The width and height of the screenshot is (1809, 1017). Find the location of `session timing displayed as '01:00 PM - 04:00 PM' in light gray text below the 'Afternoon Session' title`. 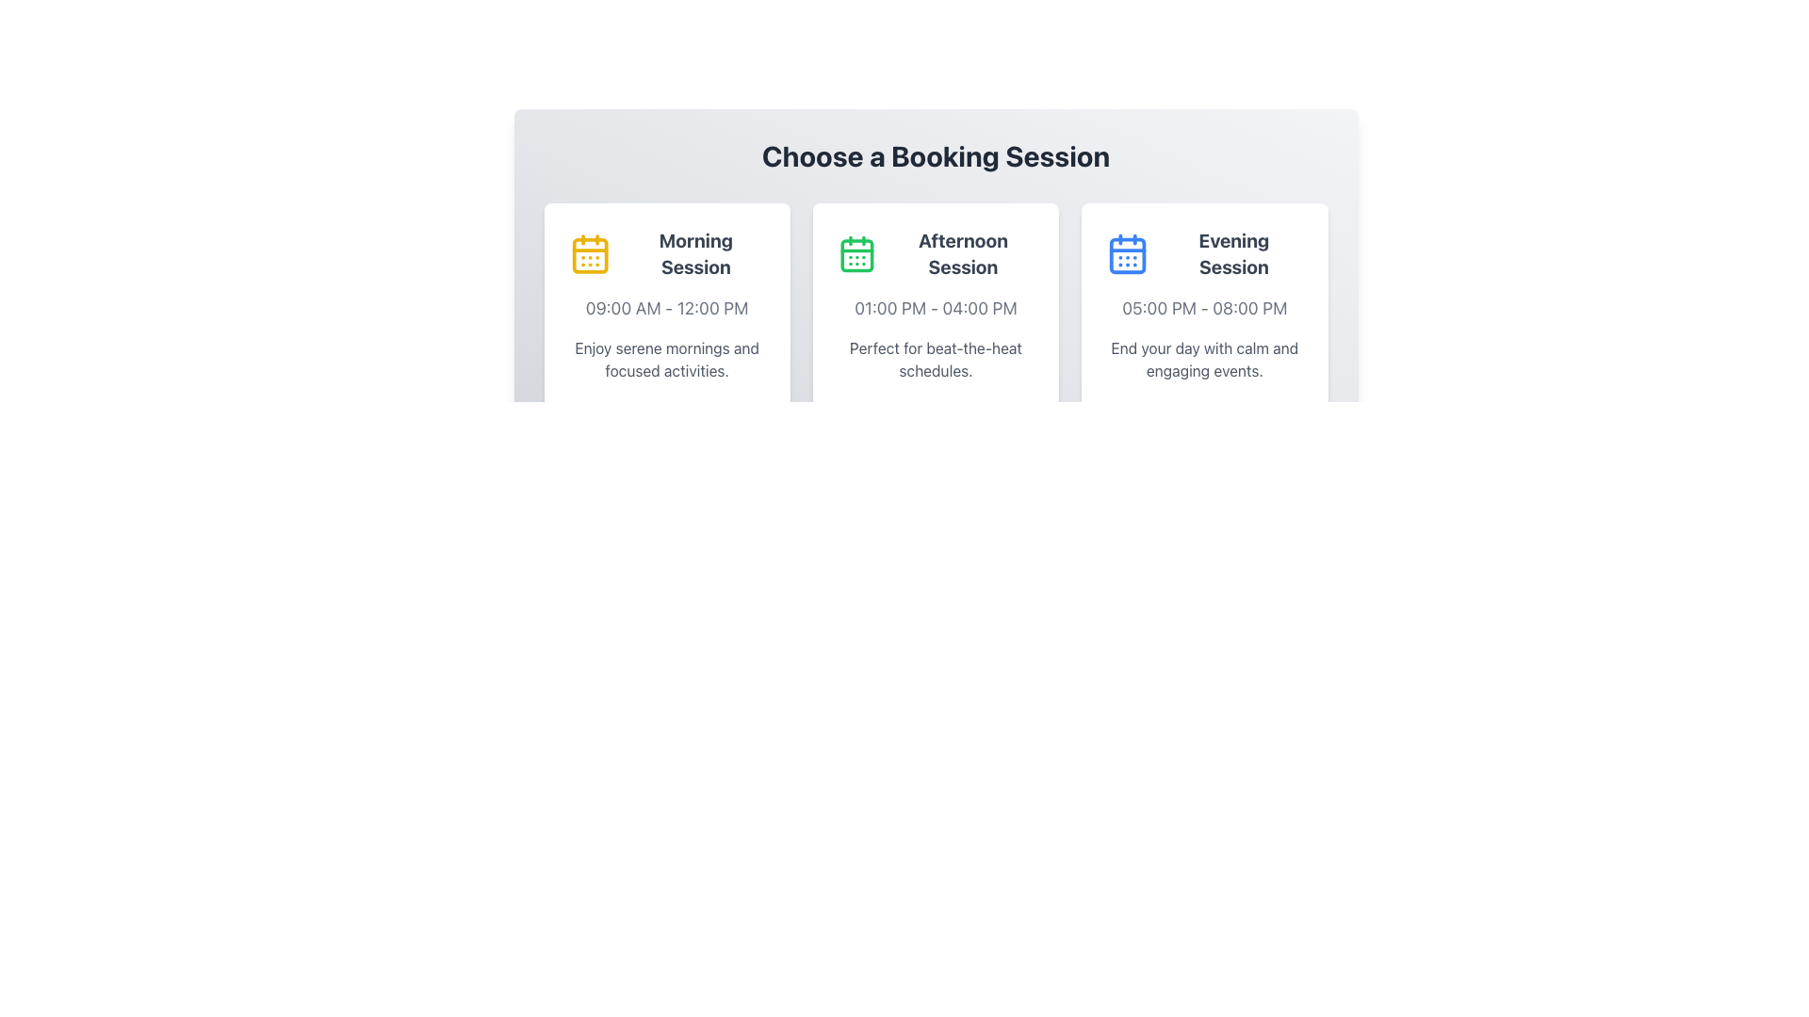

session timing displayed as '01:00 PM - 04:00 PM' in light gray text below the 'Afternoon Session' title is located at coordinates (936, 307).